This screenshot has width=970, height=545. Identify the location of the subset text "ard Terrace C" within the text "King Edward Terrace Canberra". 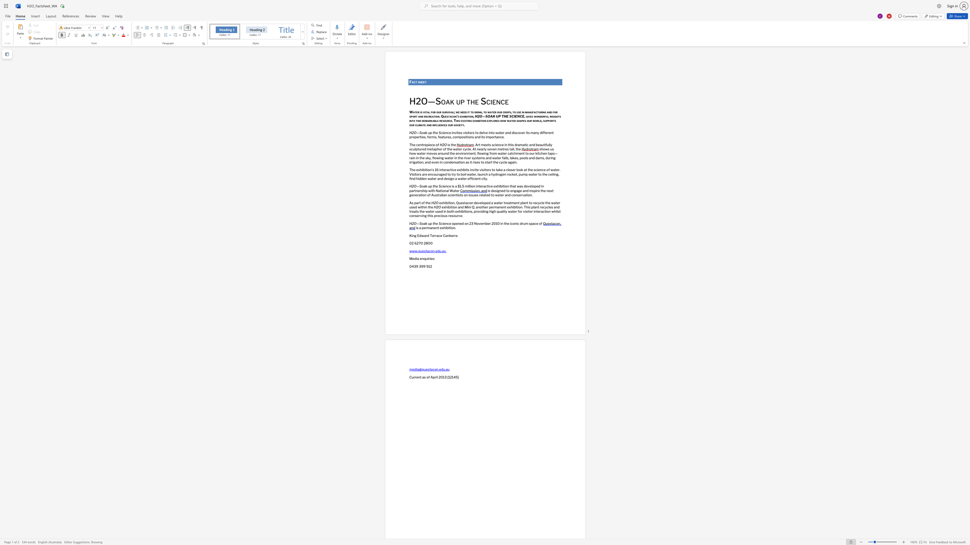
(424, 235).